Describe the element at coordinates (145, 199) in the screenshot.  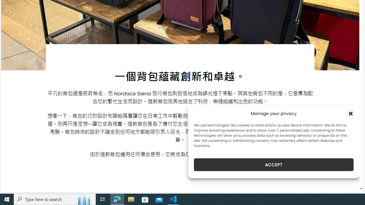
I see `'Microsoft Store'` at that location.